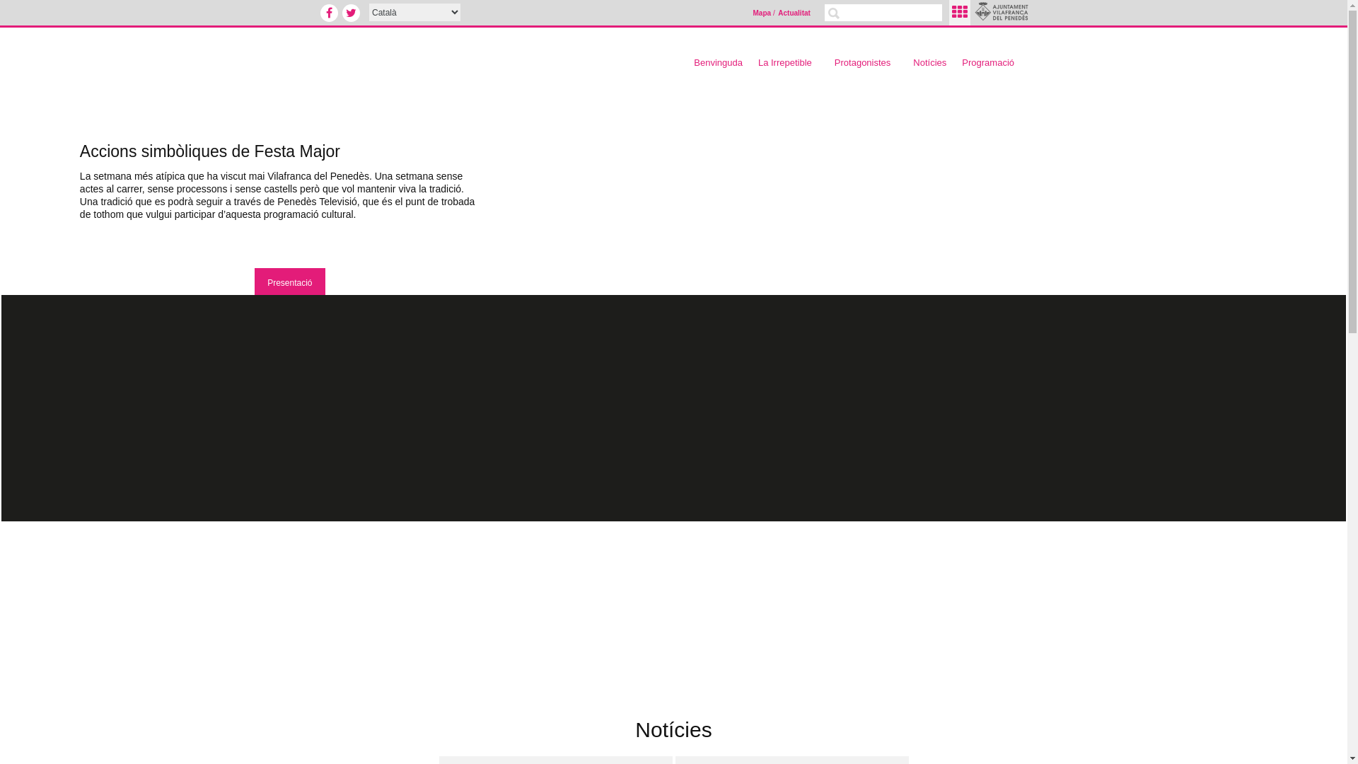  I want to click on 'Actualitat', so click(794, 13).